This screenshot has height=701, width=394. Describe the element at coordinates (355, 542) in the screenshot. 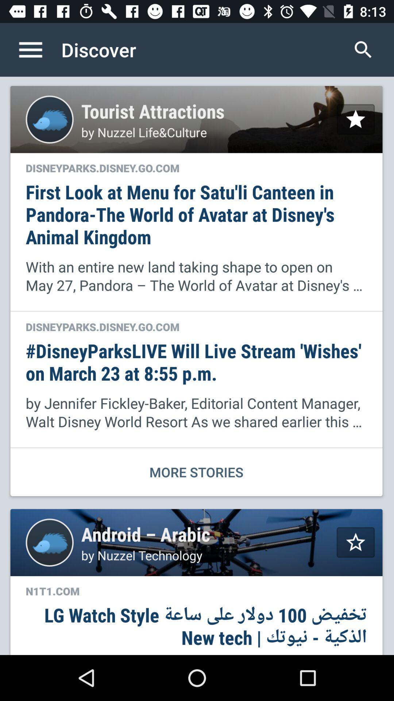

I see `star favorite` at that location.